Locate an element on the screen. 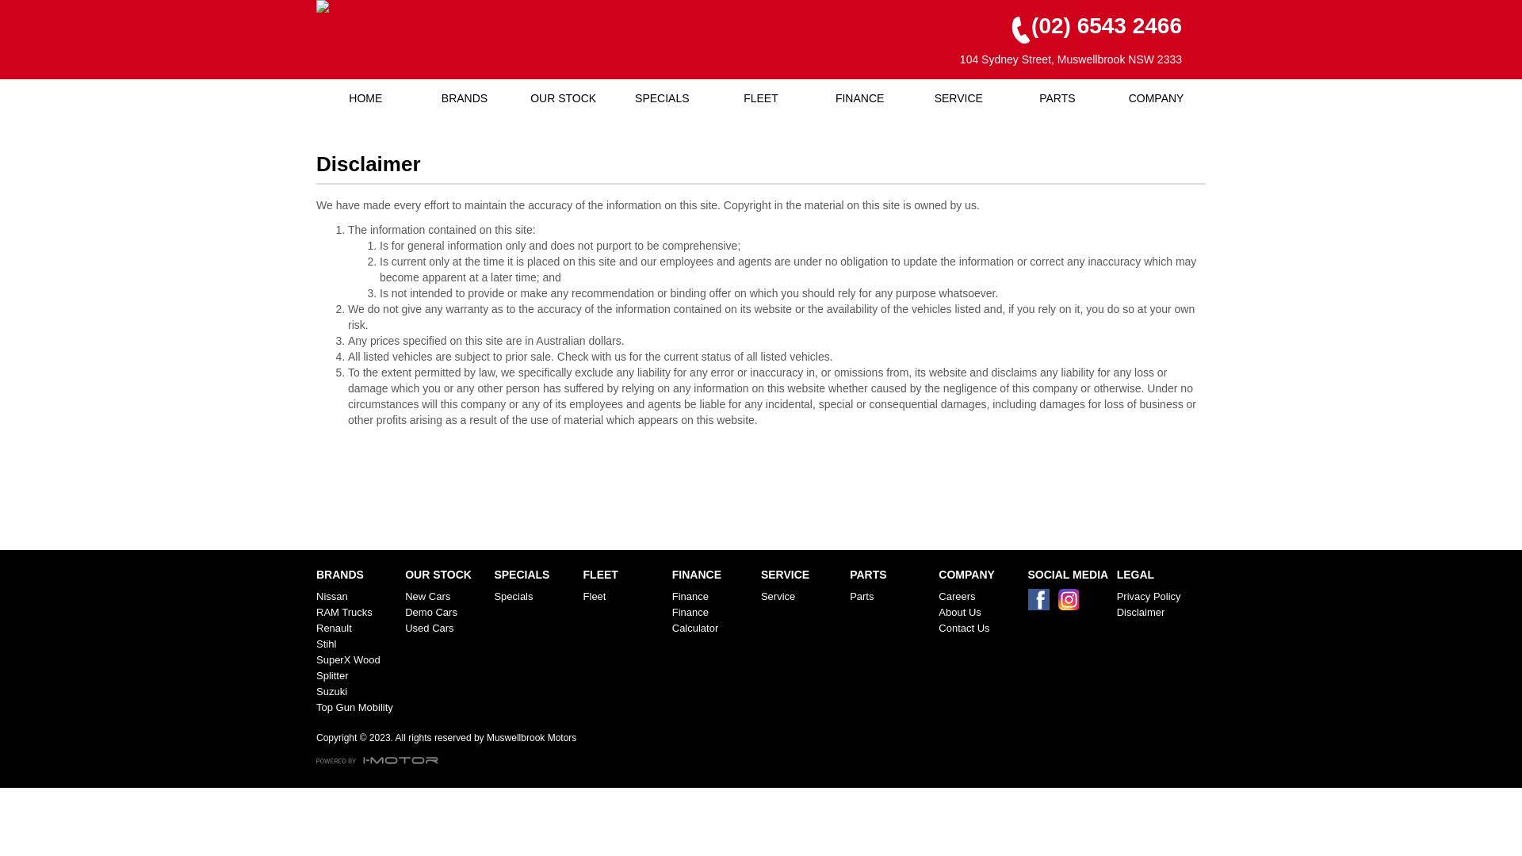 This screenshot has height=856, width=1522. 'COMPANY' is located at coordinates (1156, 98).